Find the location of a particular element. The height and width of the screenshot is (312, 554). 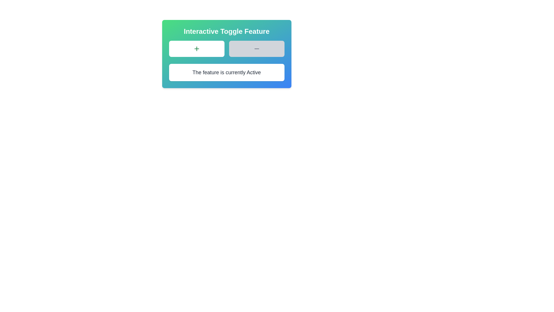

the rectangular interactive component located centrally under the heading 'Interactive Toggle Feature', positioned between a green-themed and a gray-themed button is located at coordinates (226, 49).